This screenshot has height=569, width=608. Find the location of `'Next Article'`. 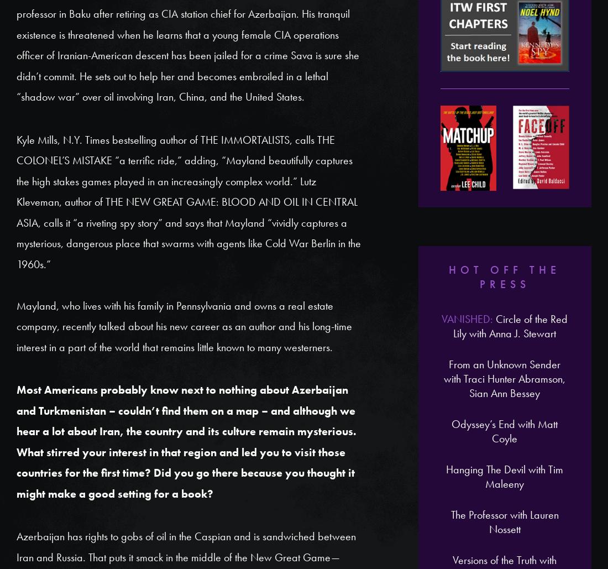

'Next Article' is located at coordinates (336, 529).